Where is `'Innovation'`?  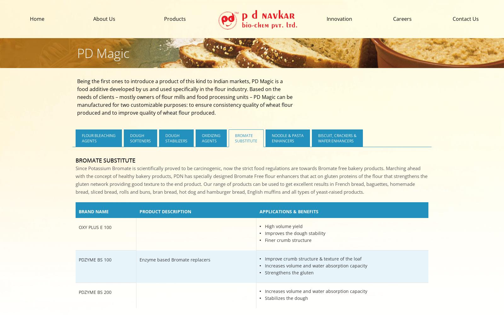
'Innovation' is located at coordinates (339, 19).